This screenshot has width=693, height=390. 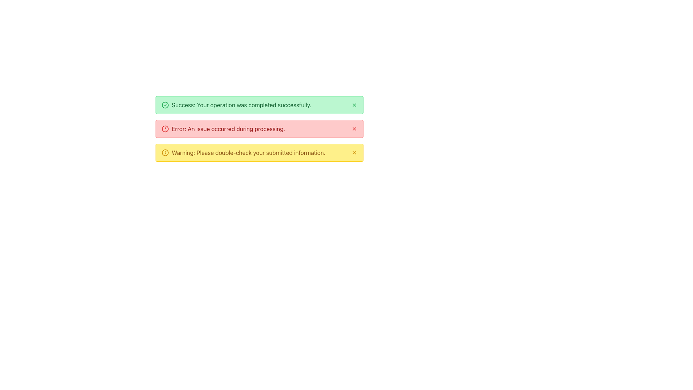 I want to click on the 'information' icon located at the far left of the warning message in the yellow section, which is visually distinct due to its circular shape and color, so click(x=165, y=152).